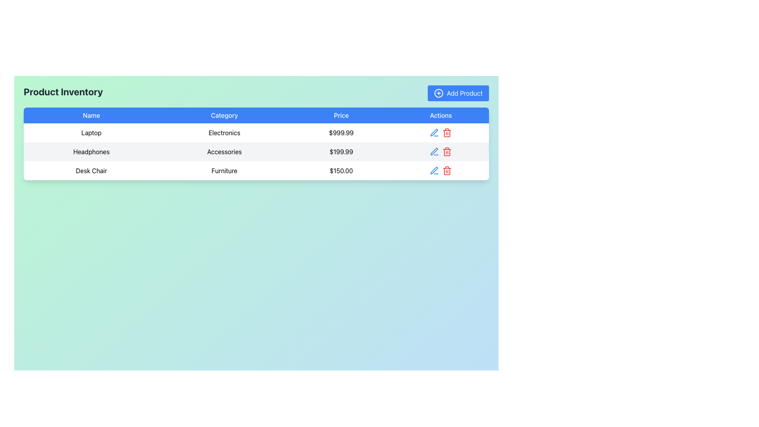 This screenshot has width=759, height=427. I want to click on the circular '+' icon located to the left of the 'Add Product' text within the blue rectangular button at the top-right corner of the interface, so click(438, 93).